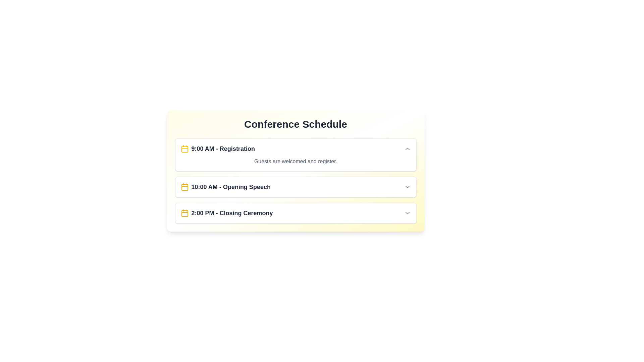 This screenshot has height=362, width=644. I want to click on the third item in the 'Conference Schedule' list to read the event details about the 'Closing Ceremony' scheduled for '2:00 PM', so click(295, 213).